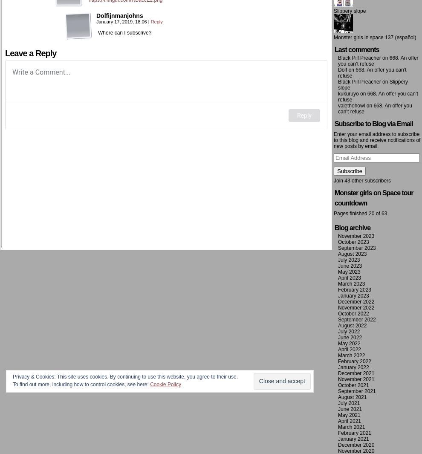 The width and height of the screenshot is (422, 454). I want to click on 'September 2021', so click(356, 391).